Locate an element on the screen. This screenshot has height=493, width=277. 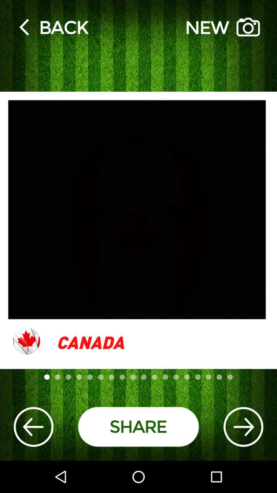
go forward is located at coordinates (243, 427).